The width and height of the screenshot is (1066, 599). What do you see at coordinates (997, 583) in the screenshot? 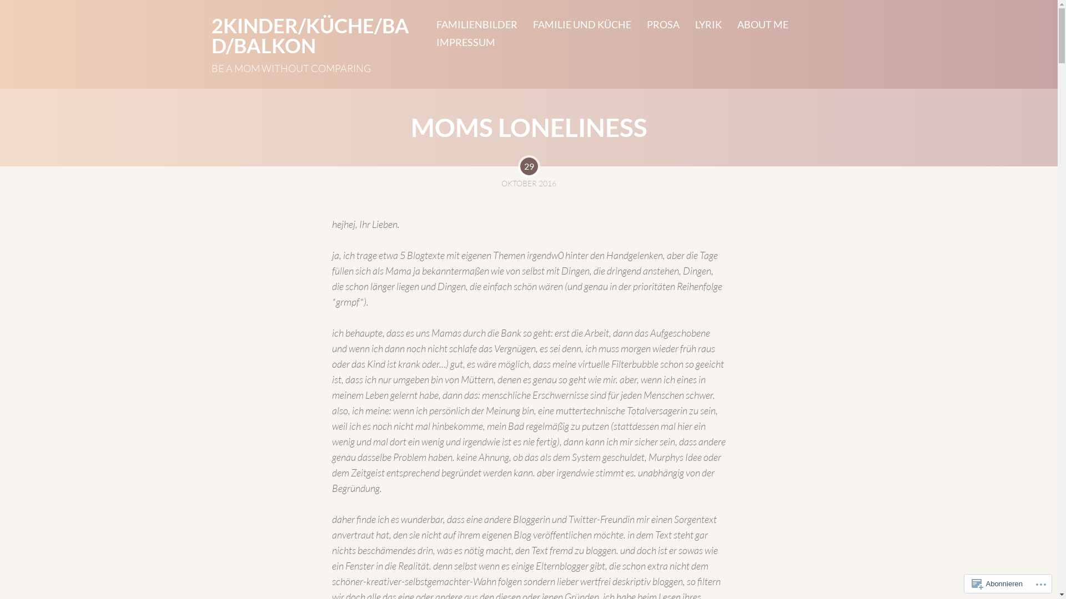
I see `'Abonnieren'` at bounding box center [997, 583].